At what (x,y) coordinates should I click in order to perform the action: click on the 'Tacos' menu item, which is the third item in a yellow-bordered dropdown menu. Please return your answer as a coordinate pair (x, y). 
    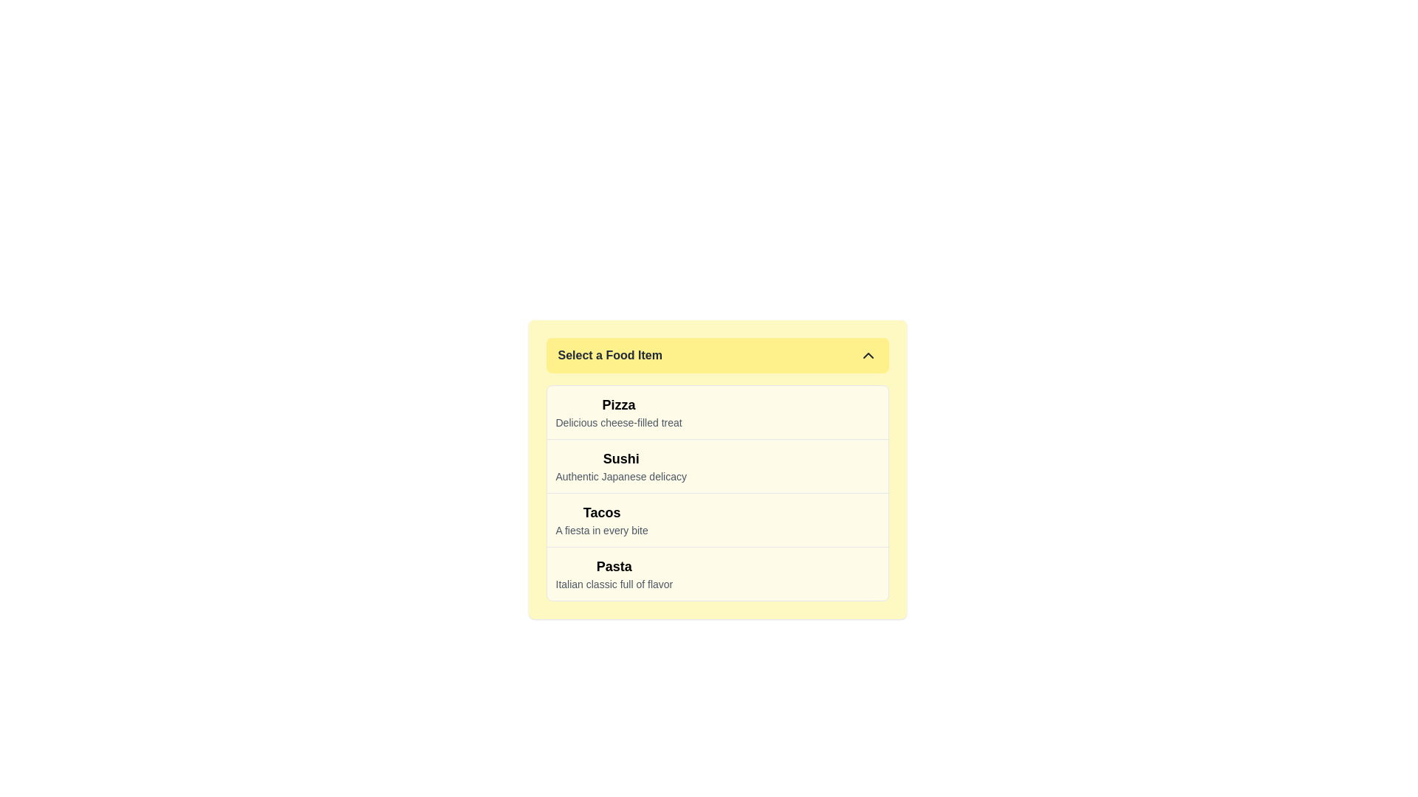
    Looking at the image, I should click on (717, 519).